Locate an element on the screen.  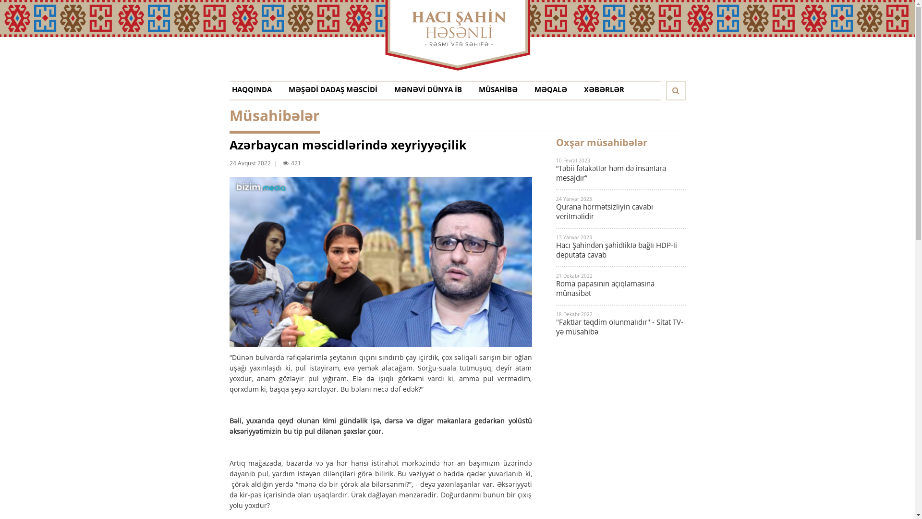
'HAQQINDA' is located at coordinates (231, 92).